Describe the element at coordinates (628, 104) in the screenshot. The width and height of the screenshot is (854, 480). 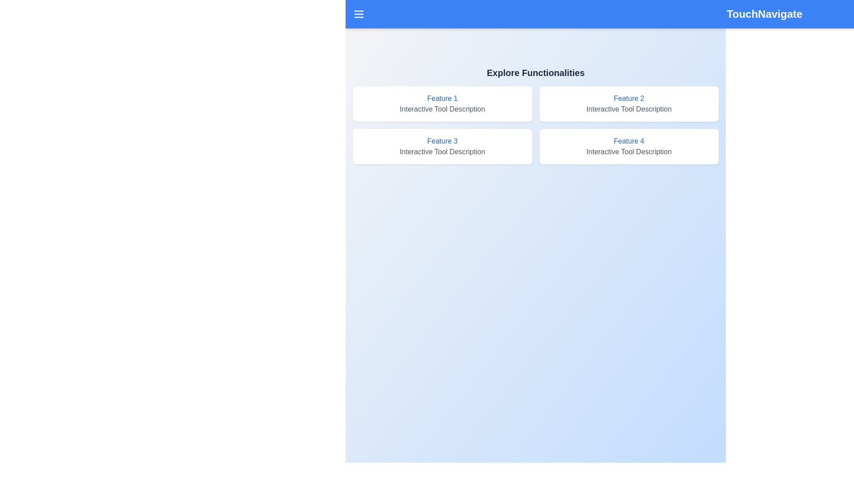
I see `the 'Feature 2' box` at that location.